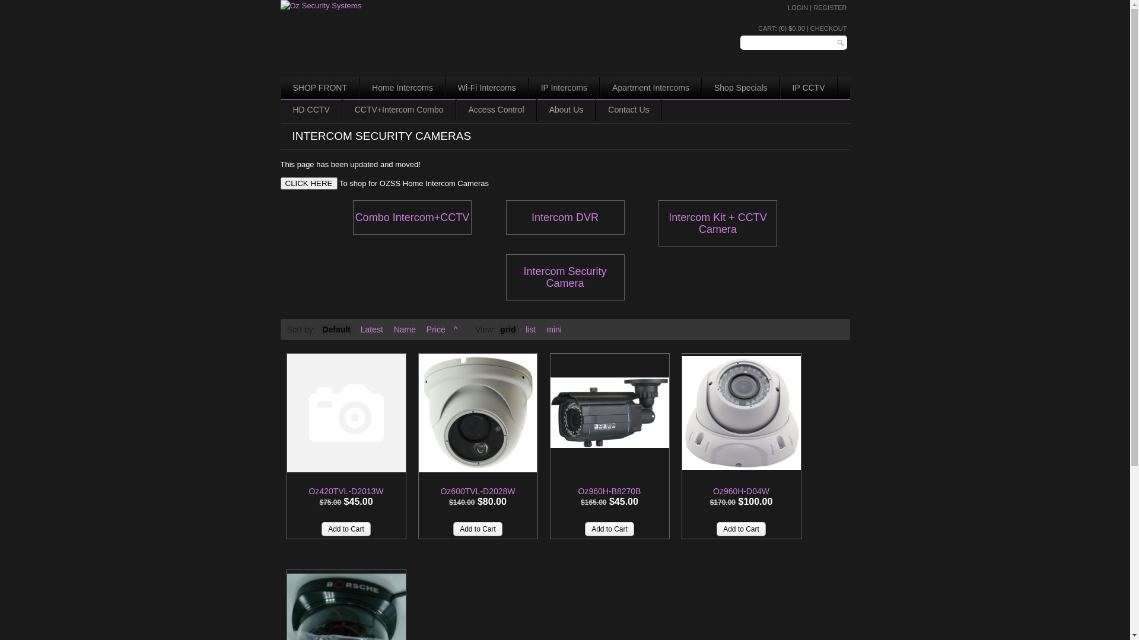 The width and height of the screenshot is (1139, 640). What do you see at coordinates (357, 329) in the screenshot?
I see `'Latest'` at bounding box center [357, 329].